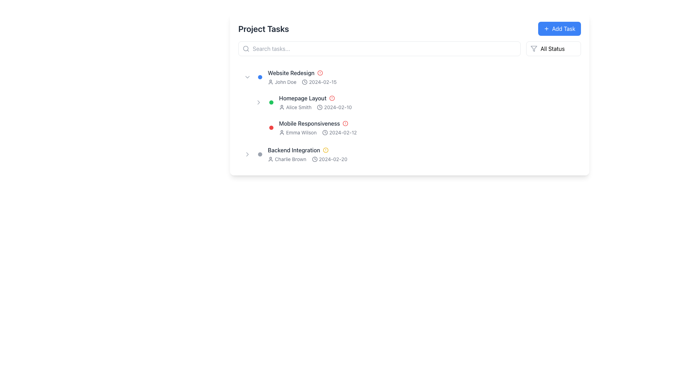  Describe the element at coordinates (246, 48) in the screenshot. I see `the magnifying glass icon located at the extreme left of the search input area` at that location.